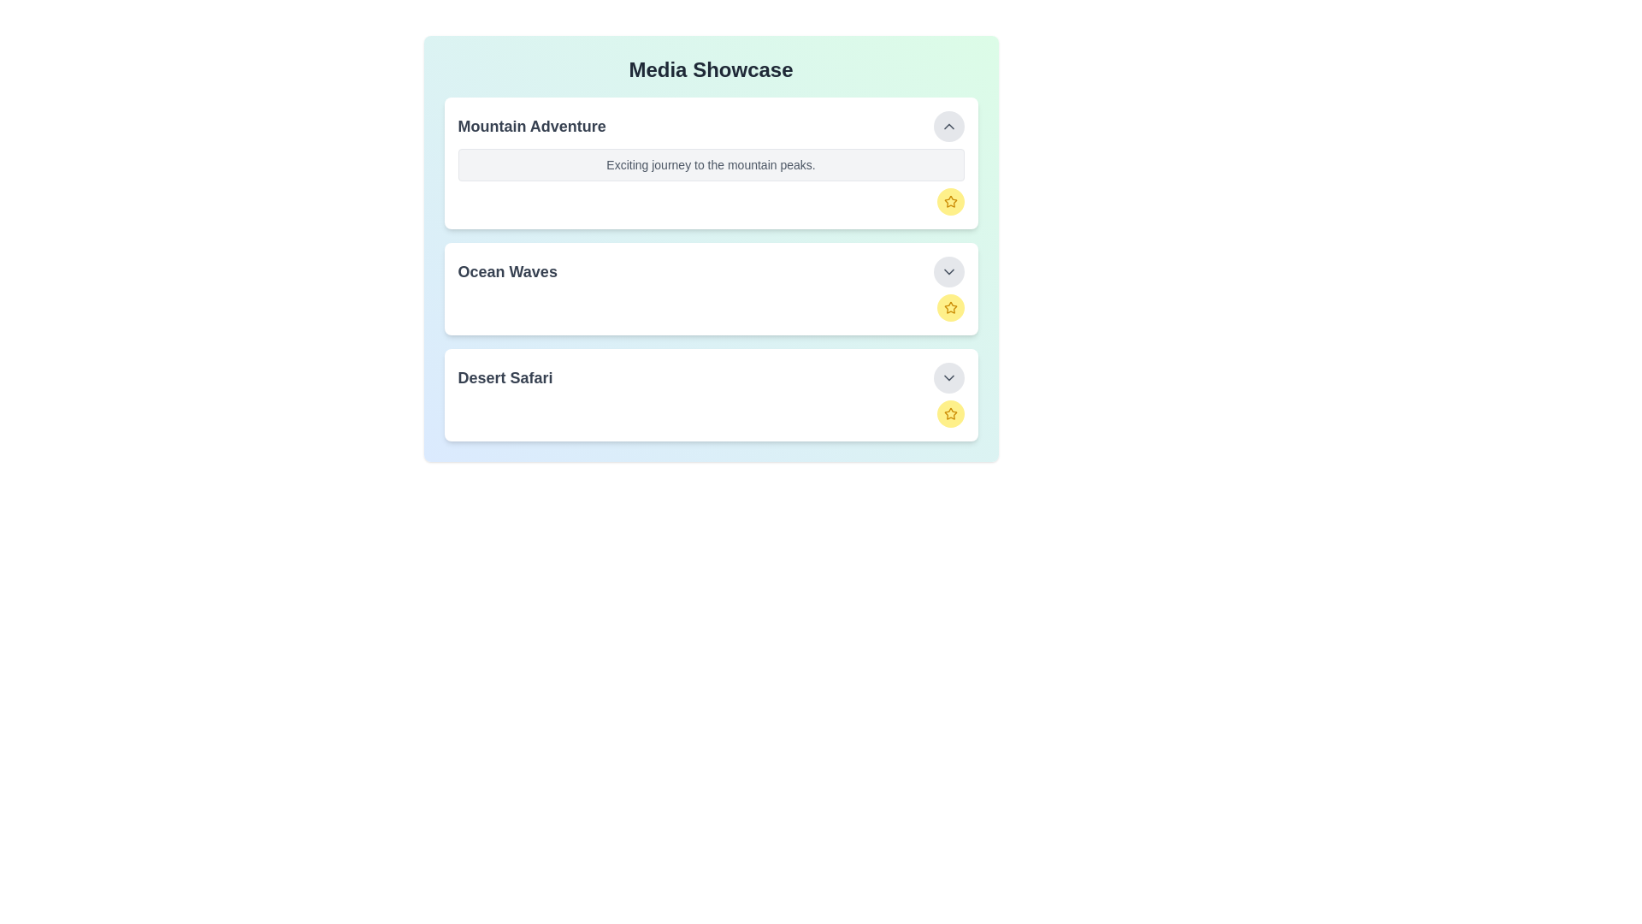  What do you see at coordinates (949, 200) in the screenshot?
I see `favorite button for the item titled 'Mountain Adventure'` at bounding box center [949, 200].